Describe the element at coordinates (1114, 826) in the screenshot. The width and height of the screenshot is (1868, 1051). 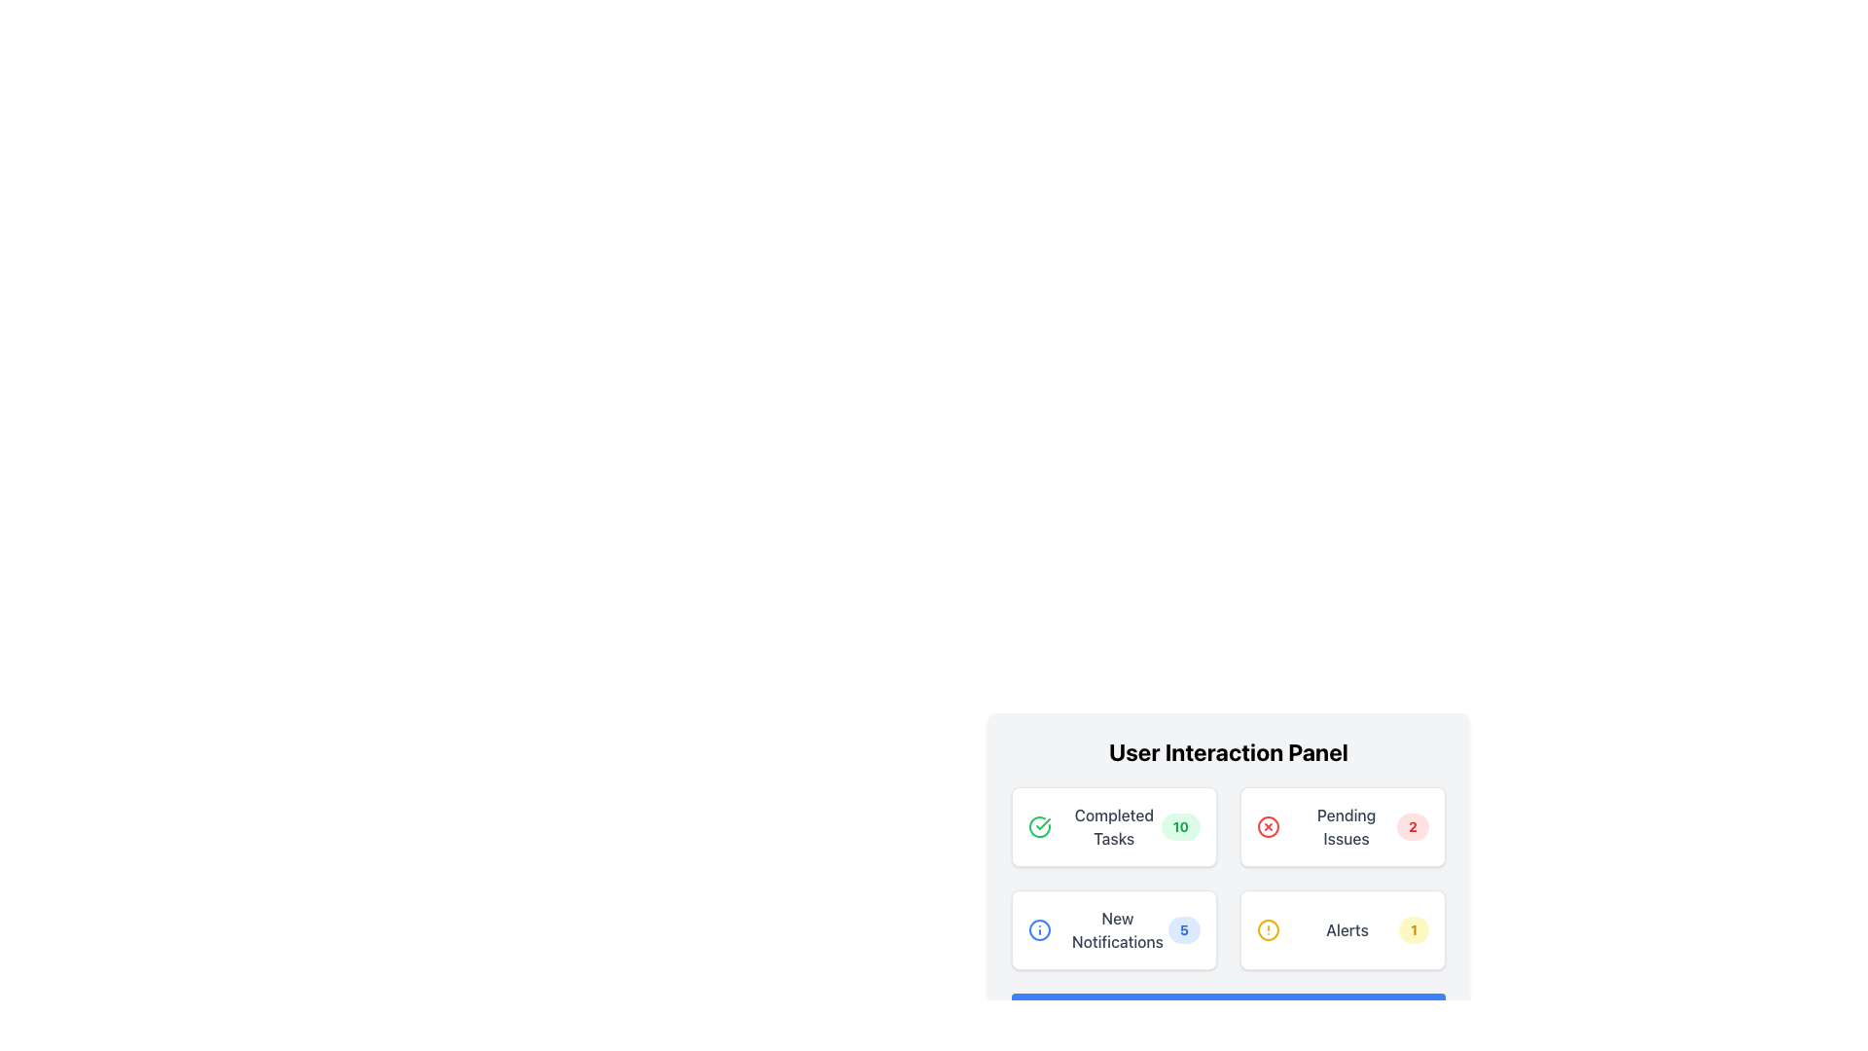
I see `the 'Completed Tasks' text label, which is centrally located within a rectangular card on the top-left corner of a four-card grid, adjacent to an icon and a green badge displaying '10'` at that location.